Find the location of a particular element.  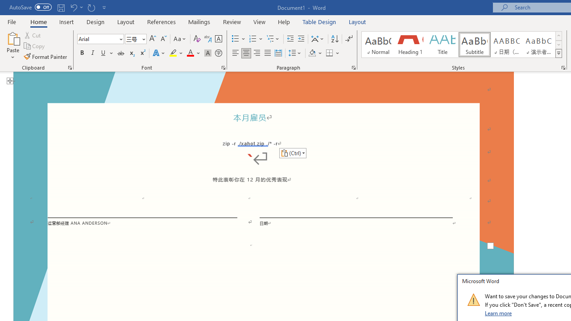

'Font Size' is located at coordinates (135, 38).